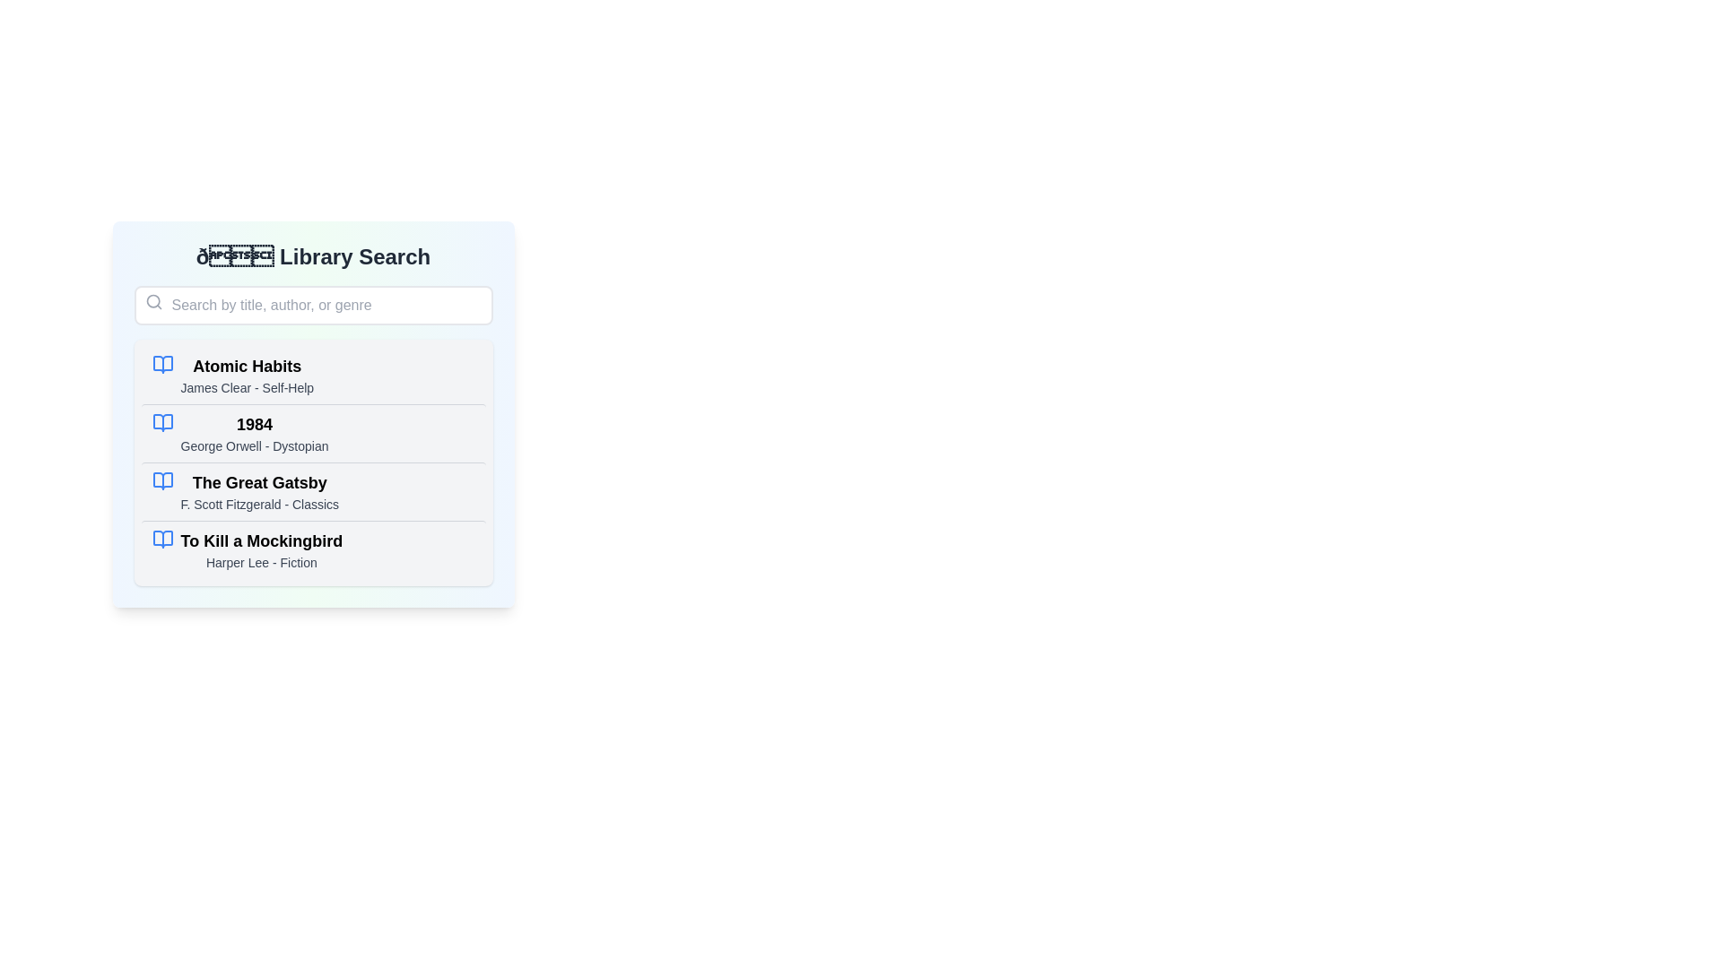 The width and height of the screenshot is (1722, 968). I want to click on the Text Label that provides the author's name and genre classification of 'The Great Gatsby', located directly below the title, so click(258, 505).